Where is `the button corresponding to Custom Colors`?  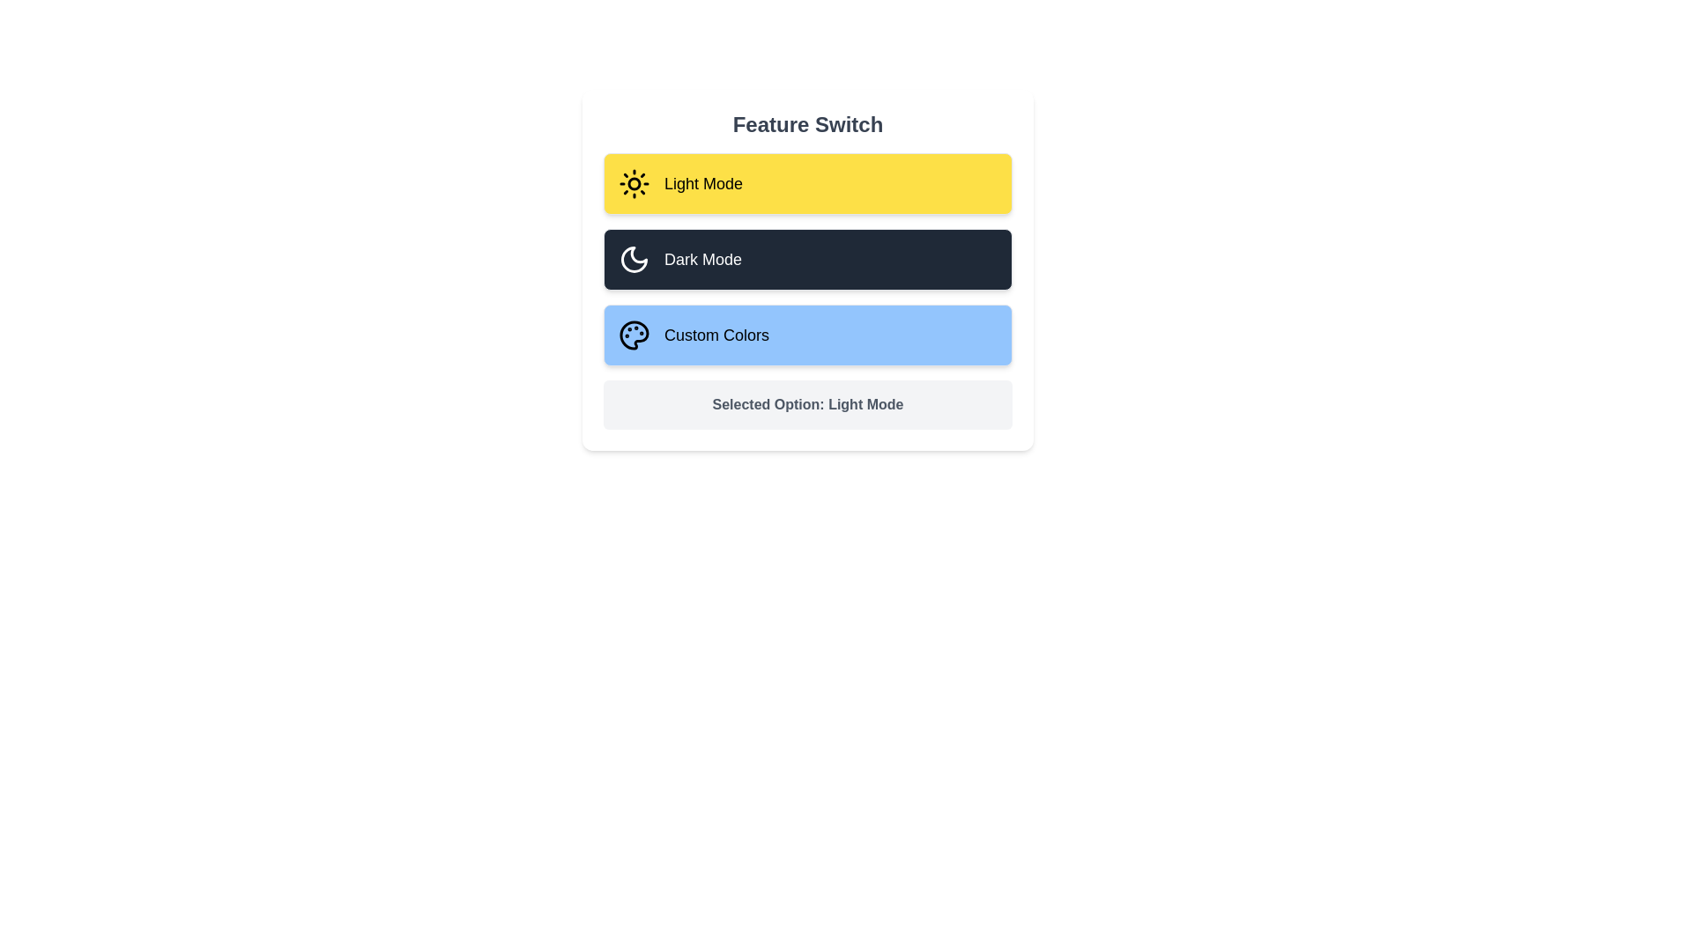 the button corresponding to Custom Colors is located at coordinates (806, 335).